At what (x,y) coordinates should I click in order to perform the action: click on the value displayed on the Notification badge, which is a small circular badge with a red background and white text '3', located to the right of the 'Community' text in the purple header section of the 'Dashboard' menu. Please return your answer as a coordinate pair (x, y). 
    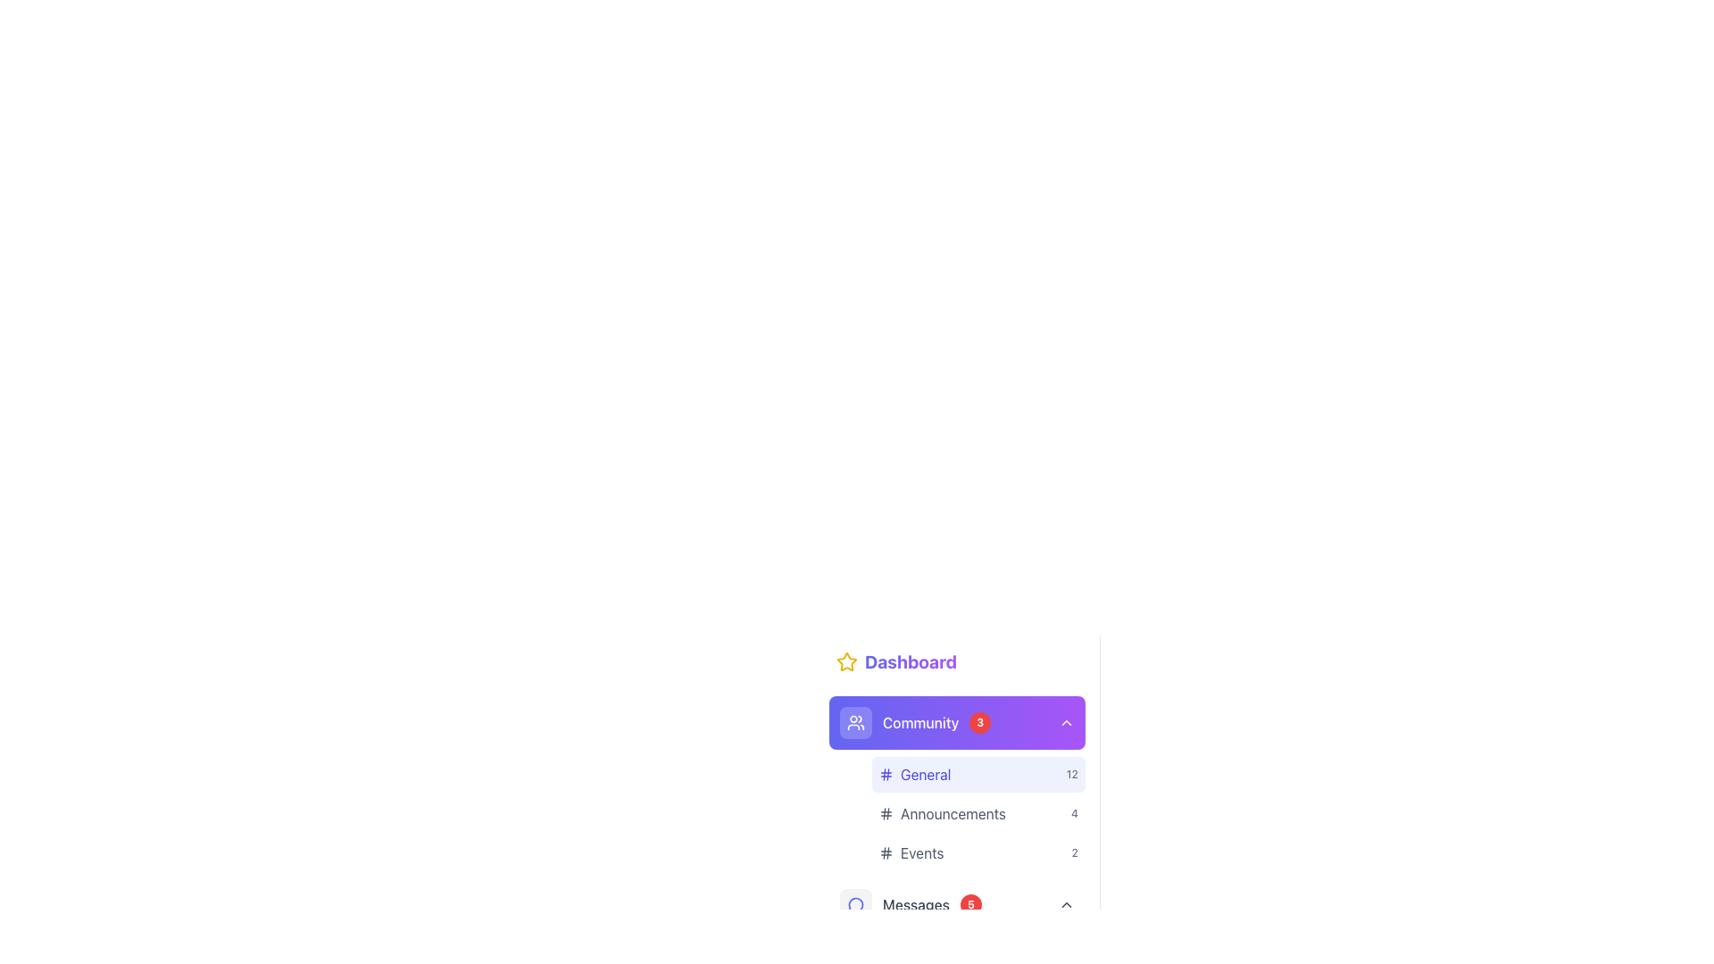
    Looking at the image, I should click on (979, 723).